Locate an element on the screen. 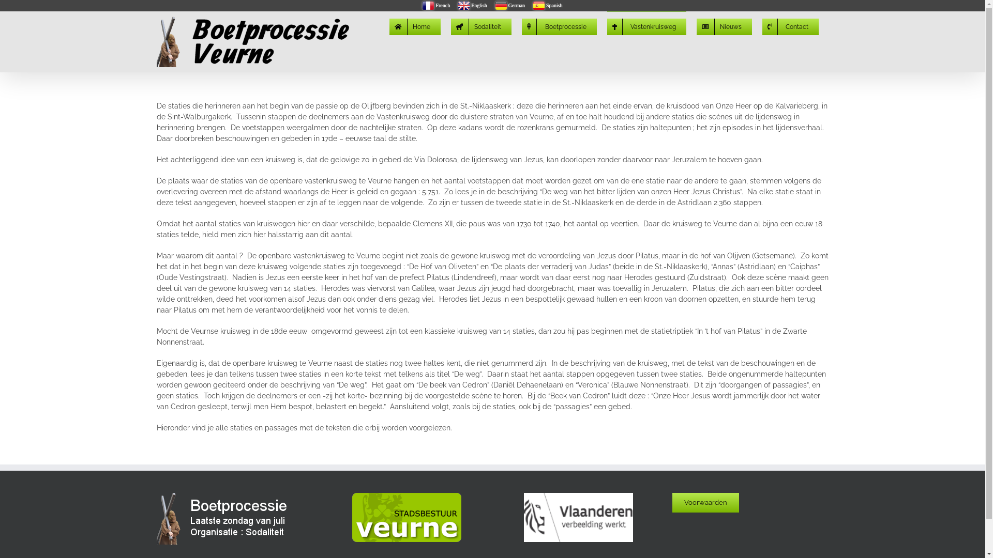  'Boetprocessie' is located at coordinates (521, 25).